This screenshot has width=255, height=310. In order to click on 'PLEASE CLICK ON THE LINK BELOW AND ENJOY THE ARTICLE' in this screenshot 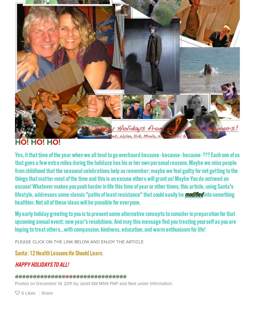, I will do `click(79, 242)`.